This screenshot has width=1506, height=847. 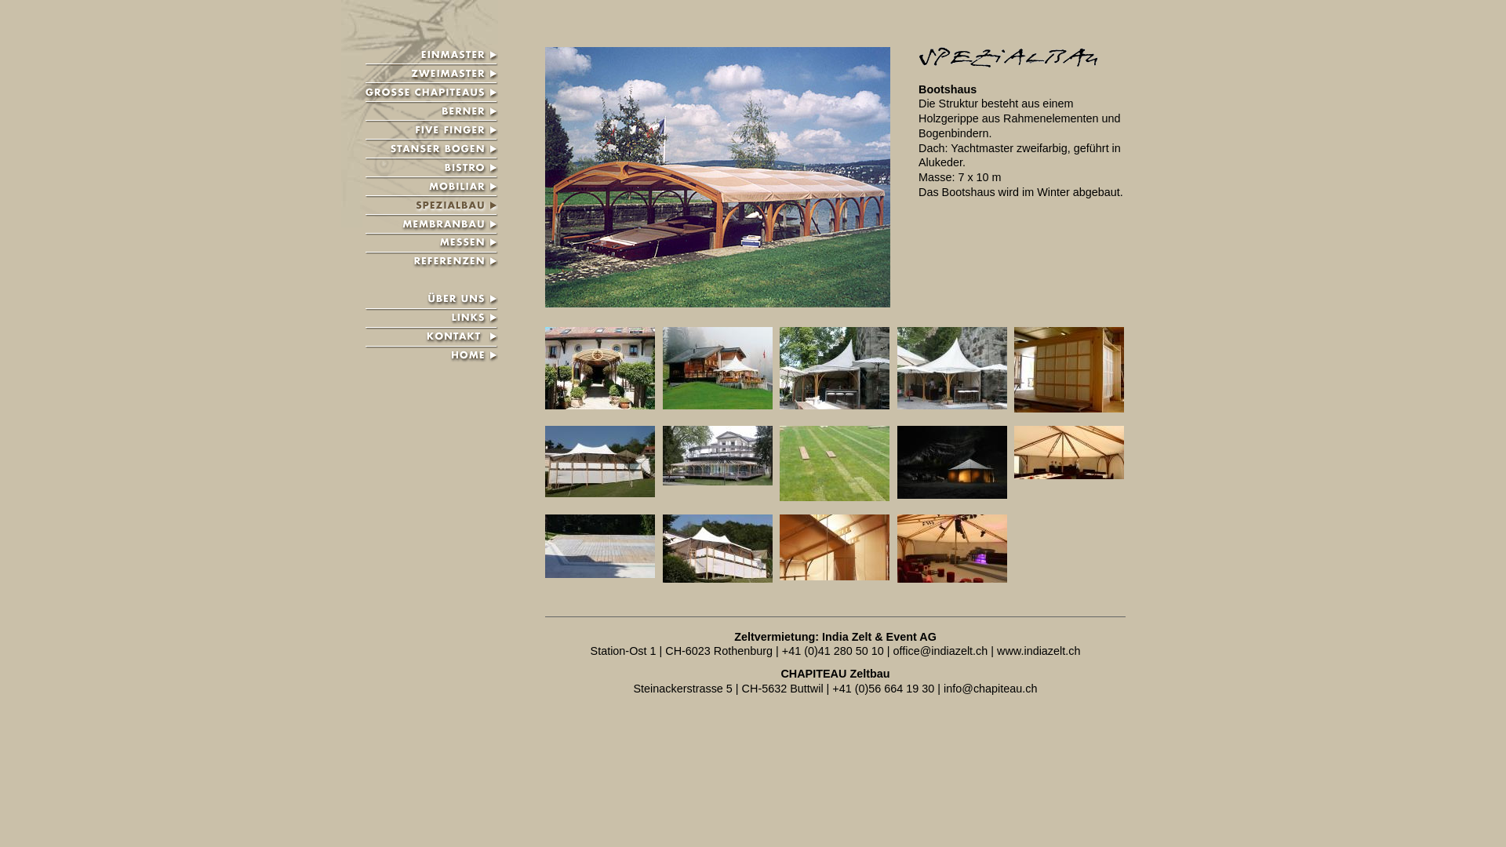 What do you see at coordinates (1039, 650) in the screenshot?
I see `'www.indiazelt.ch'` at bounding box center [1039, 650].